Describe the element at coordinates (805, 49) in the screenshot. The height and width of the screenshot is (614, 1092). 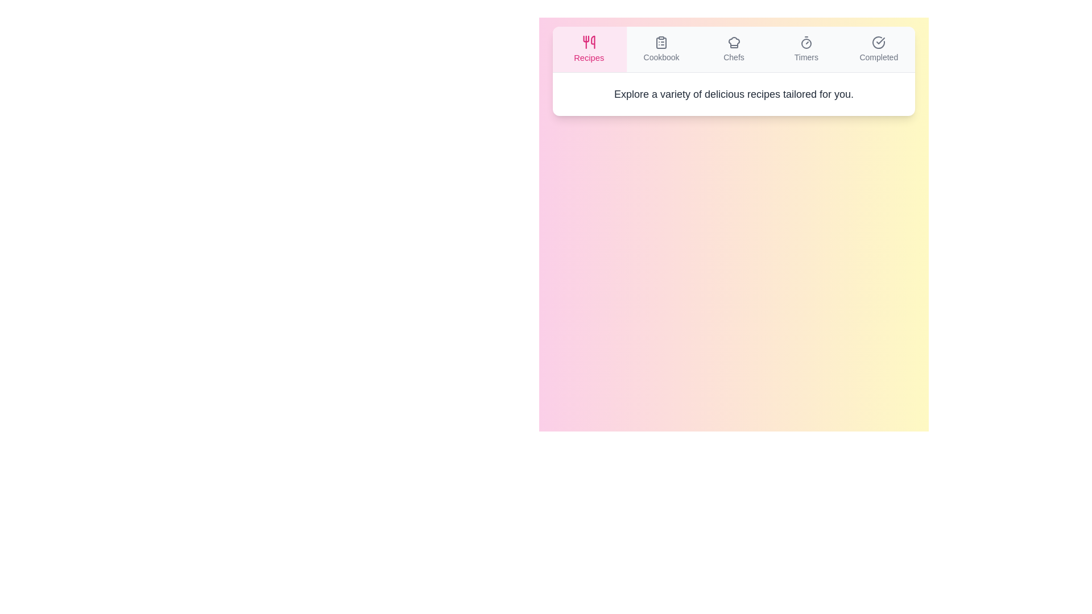
I see `the tab labeled Timers to view its associated content` at that location.